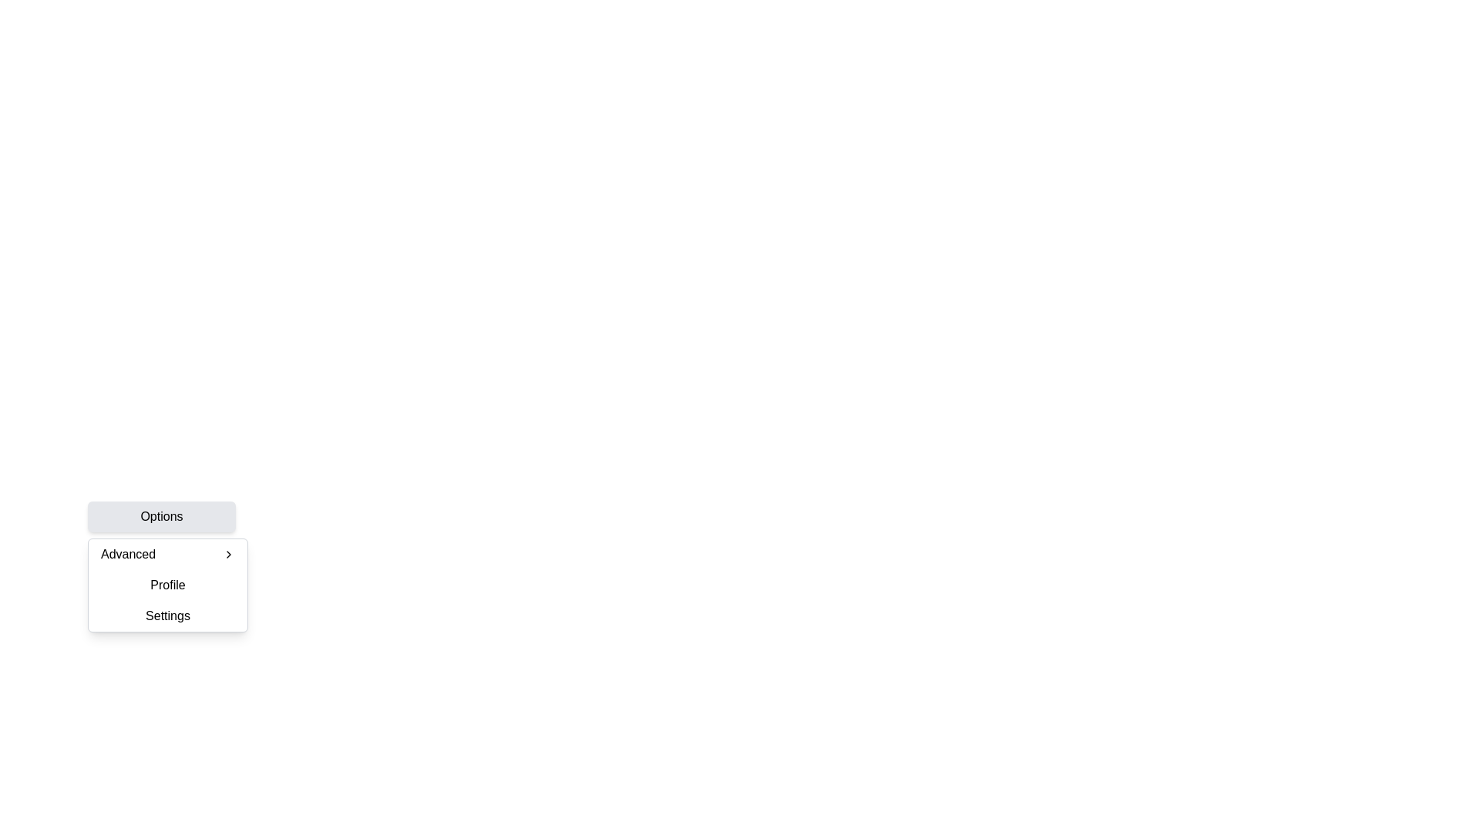 The height and width of the screenshot is (832, 1480). Describe the element at coordinates (167, 585) in the screenshot. I see `the second option in the dropdown menu, which is likely leading to the user's profile page or settings, to trigger a background color change` at that location.